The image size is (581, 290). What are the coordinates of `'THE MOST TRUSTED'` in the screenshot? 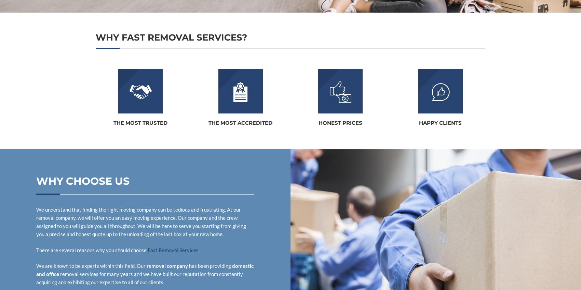 It's located at (140, 123).